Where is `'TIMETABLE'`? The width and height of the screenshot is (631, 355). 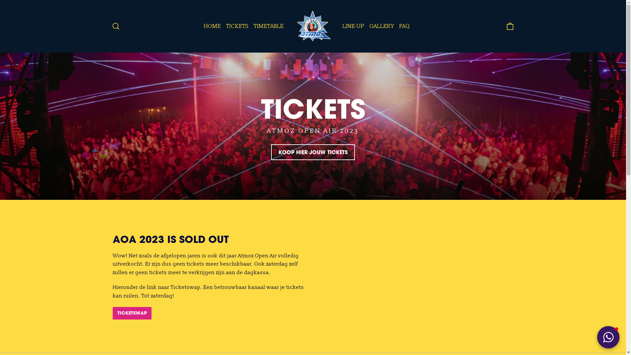
'TIMETABLE' is located at coordinates (269, 26).